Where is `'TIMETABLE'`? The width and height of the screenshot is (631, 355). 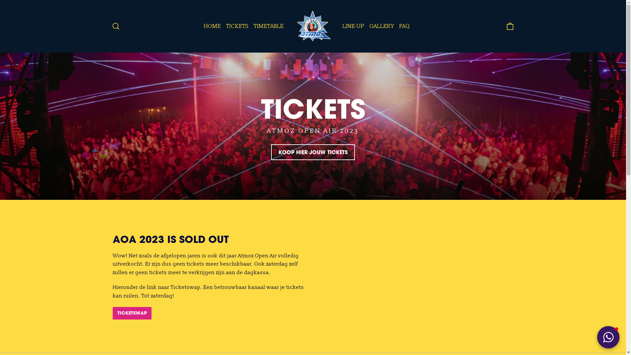
'TIMETABLE' is located at coordinates (269, 26).